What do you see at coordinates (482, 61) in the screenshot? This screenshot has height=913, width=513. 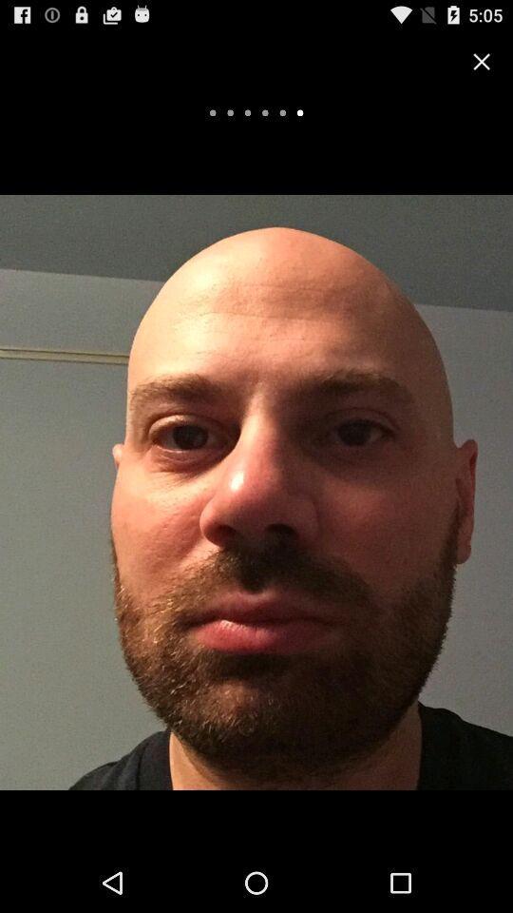 I see `option` at bounding box center [482, 61].